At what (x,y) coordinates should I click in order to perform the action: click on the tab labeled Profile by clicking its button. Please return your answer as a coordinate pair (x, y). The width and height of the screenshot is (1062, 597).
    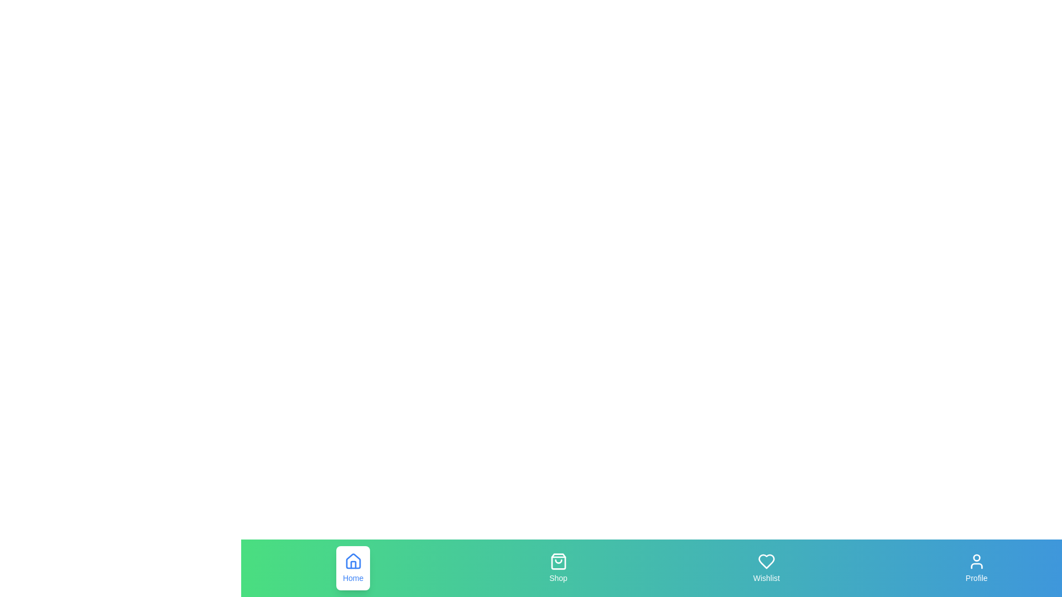
    Looking at the image, I should click on (976, 568).